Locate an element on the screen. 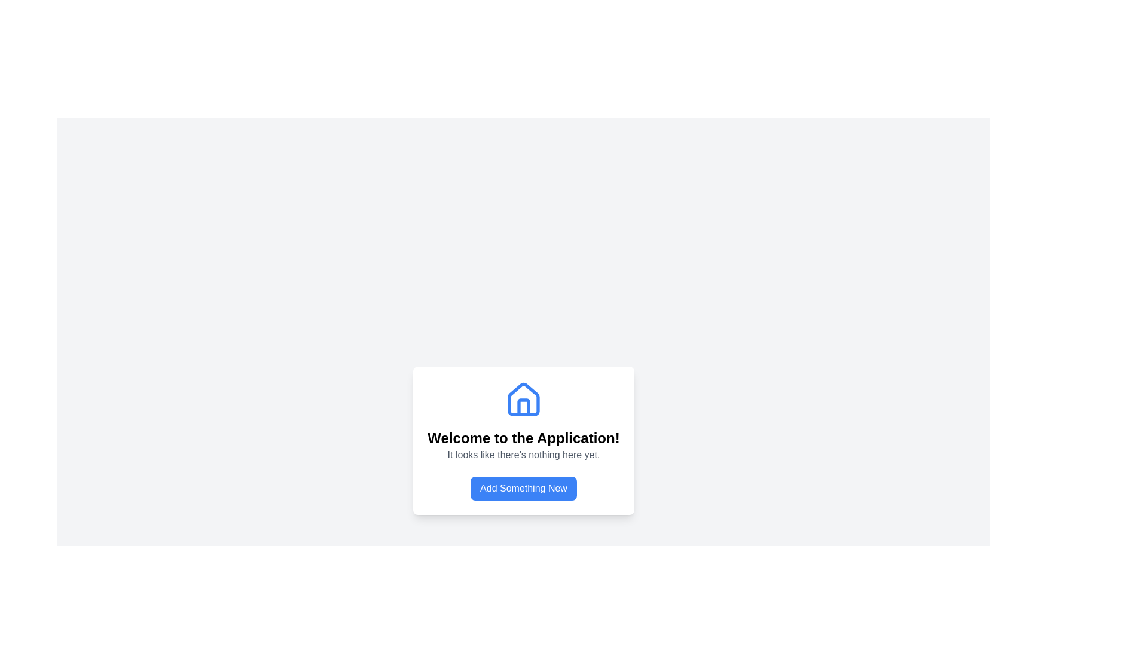 The image size is (1148, 646). the door element of the house icon, which enhances clarity and visual appeal within the interface is located at coordinates (523, 407).